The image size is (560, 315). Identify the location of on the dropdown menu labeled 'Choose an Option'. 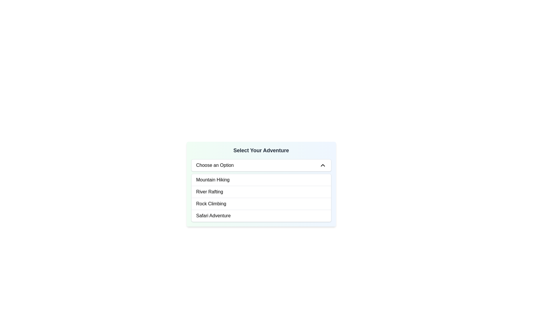
(261, 165).